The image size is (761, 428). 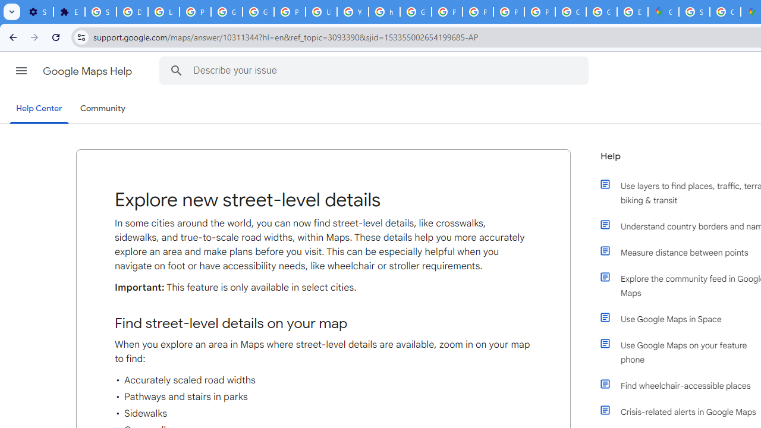 What do you see at coordinates (100, 12) in the screenshot?
I see `'Sign in - Google Accounts'` at bounding box center [100, 12].